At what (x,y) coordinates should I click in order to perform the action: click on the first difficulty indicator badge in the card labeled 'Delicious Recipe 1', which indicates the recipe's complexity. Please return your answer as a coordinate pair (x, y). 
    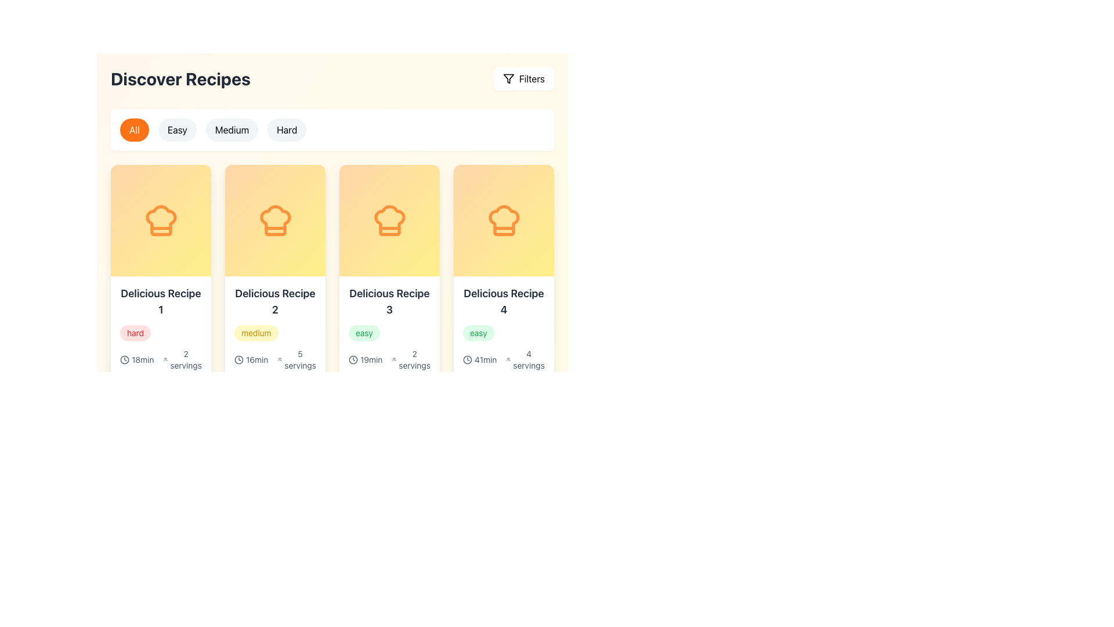
    Looking at the image, I should click on (160, 333).